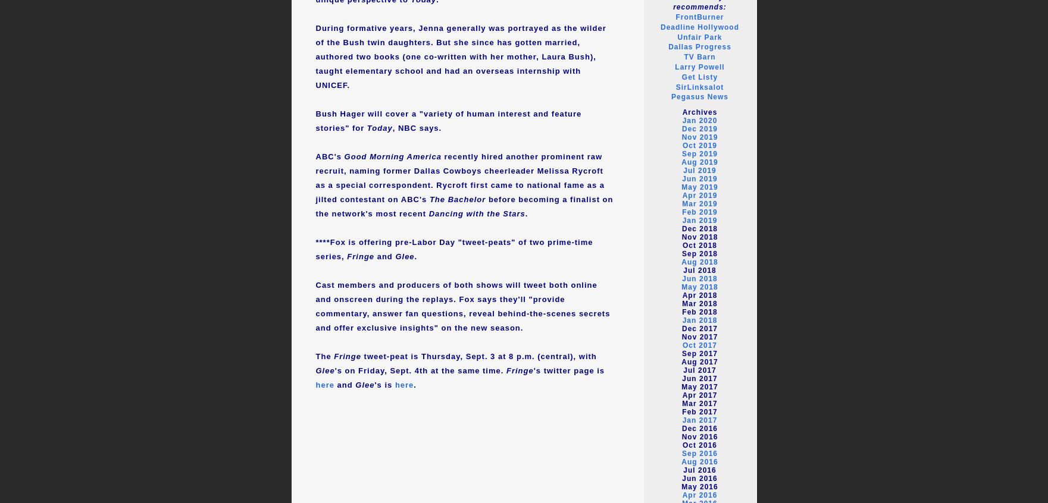  What do you see at coordinates (699, 420) in the screenshot?
I see `'Jan 2017'` at bounding box center [699, 420].